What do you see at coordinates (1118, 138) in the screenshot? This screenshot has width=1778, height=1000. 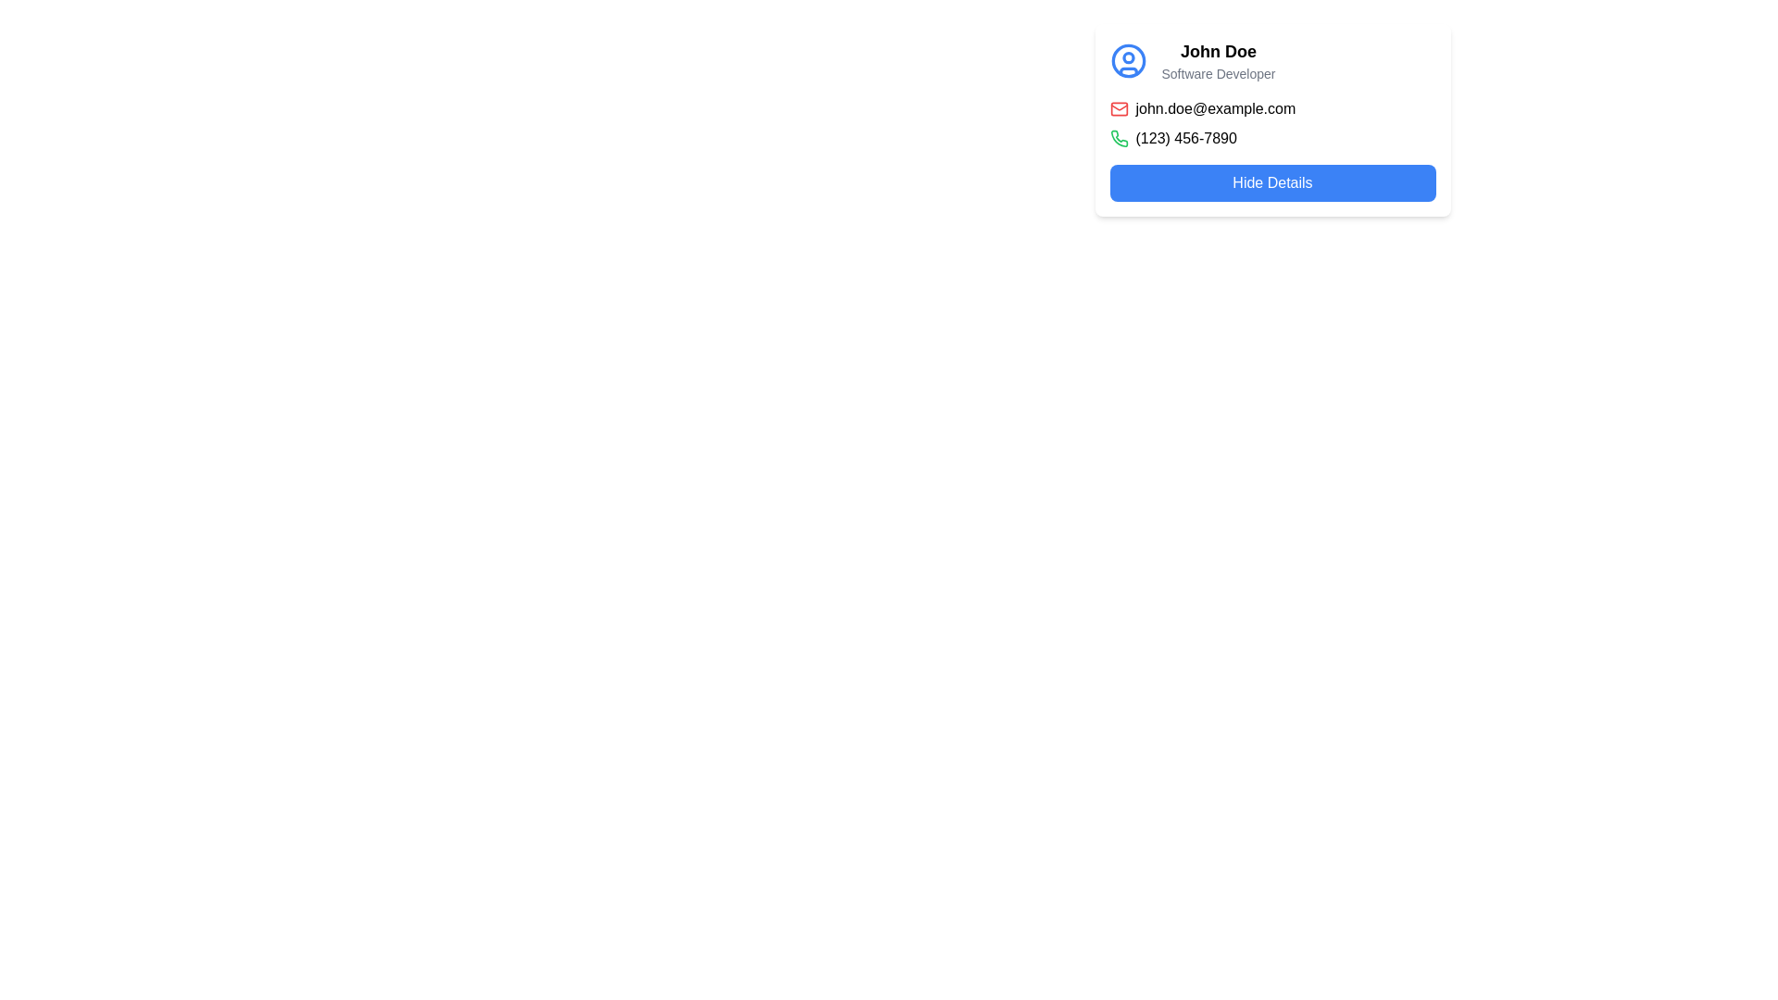 I see `the green phone icon with rounded edges that represents a telephone handset, located on the left of the text '(123) 456-7890'` at bounding box center [1118, 138].